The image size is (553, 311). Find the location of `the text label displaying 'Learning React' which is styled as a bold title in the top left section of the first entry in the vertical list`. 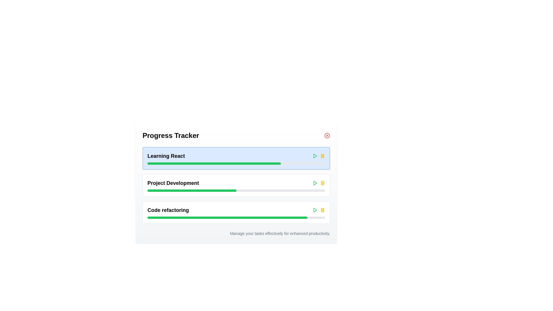

the text label displaying 'Learning React' which is styled as a bold title in the top left section of the first entry in the vertical list is located at coordinates (166, 156).